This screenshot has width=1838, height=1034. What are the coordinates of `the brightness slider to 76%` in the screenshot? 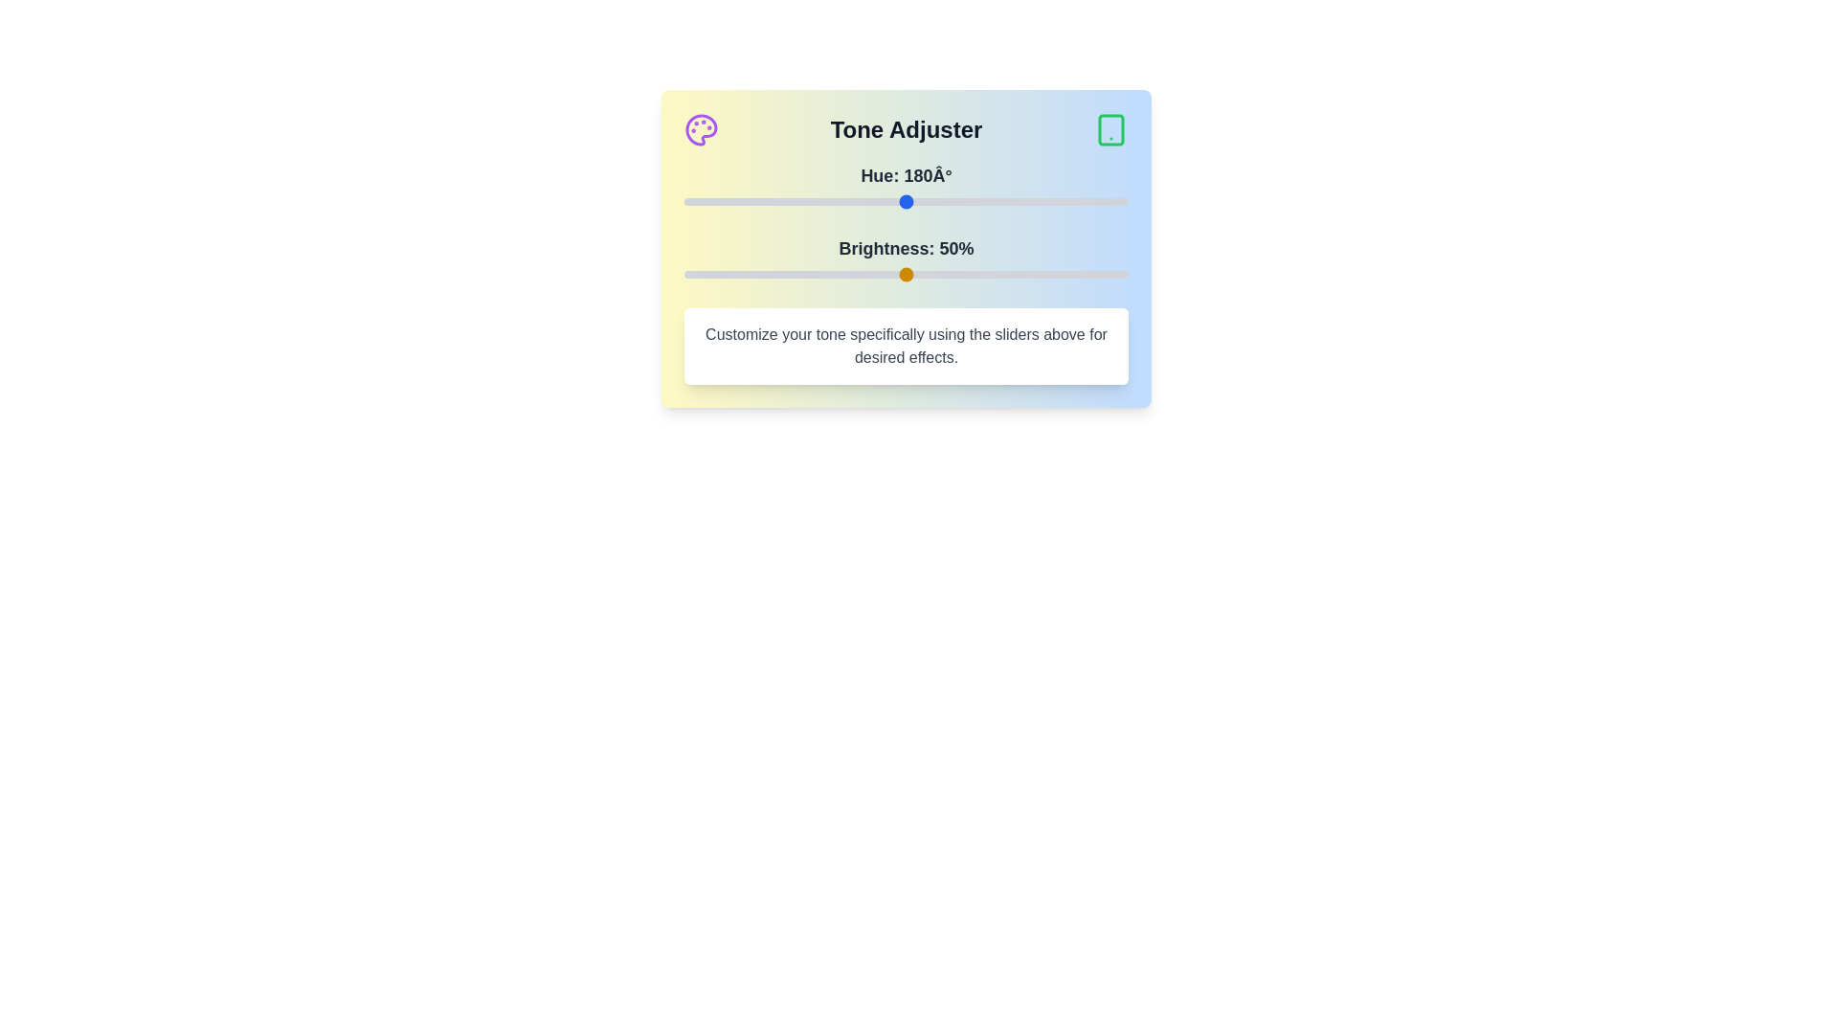 It's located at (1020, 274).